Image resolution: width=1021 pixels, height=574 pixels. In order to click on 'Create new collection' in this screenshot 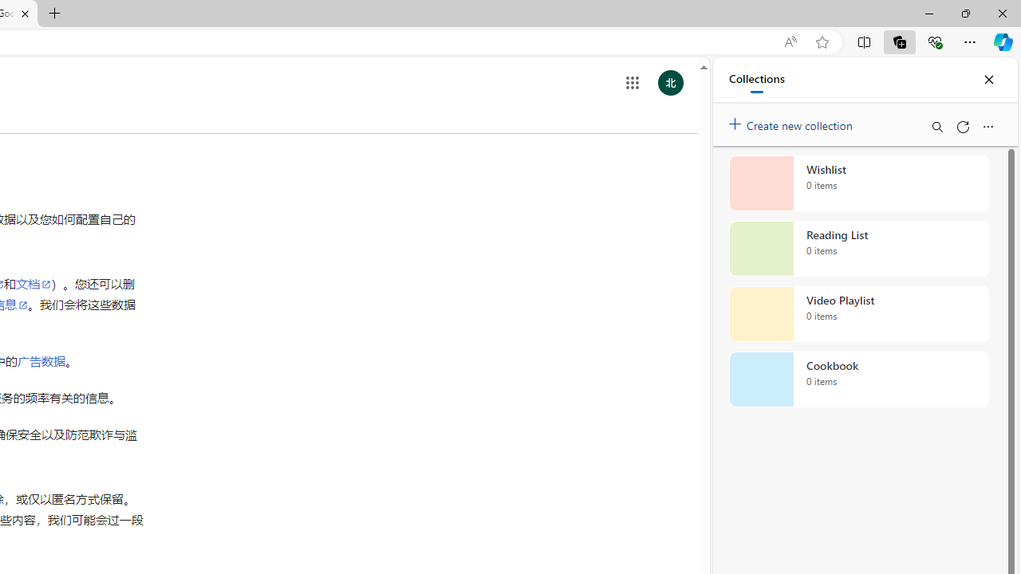, I will do `click(794, 121)`.